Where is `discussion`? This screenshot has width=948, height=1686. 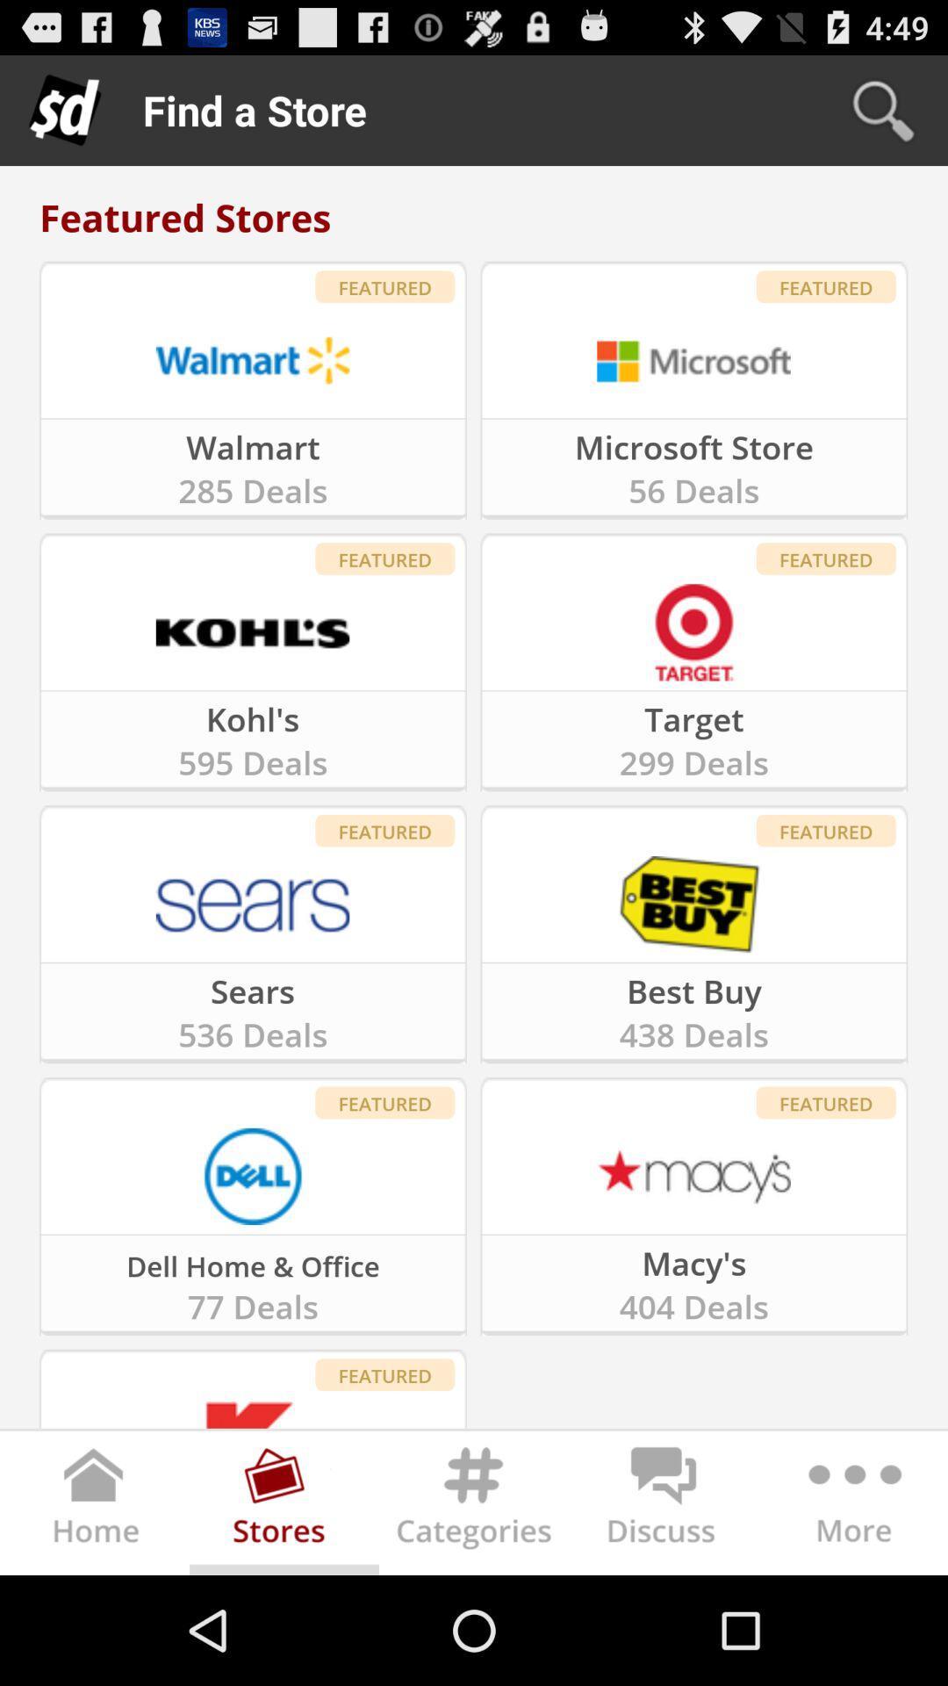 discussion is located at coordinates (664, 1506).